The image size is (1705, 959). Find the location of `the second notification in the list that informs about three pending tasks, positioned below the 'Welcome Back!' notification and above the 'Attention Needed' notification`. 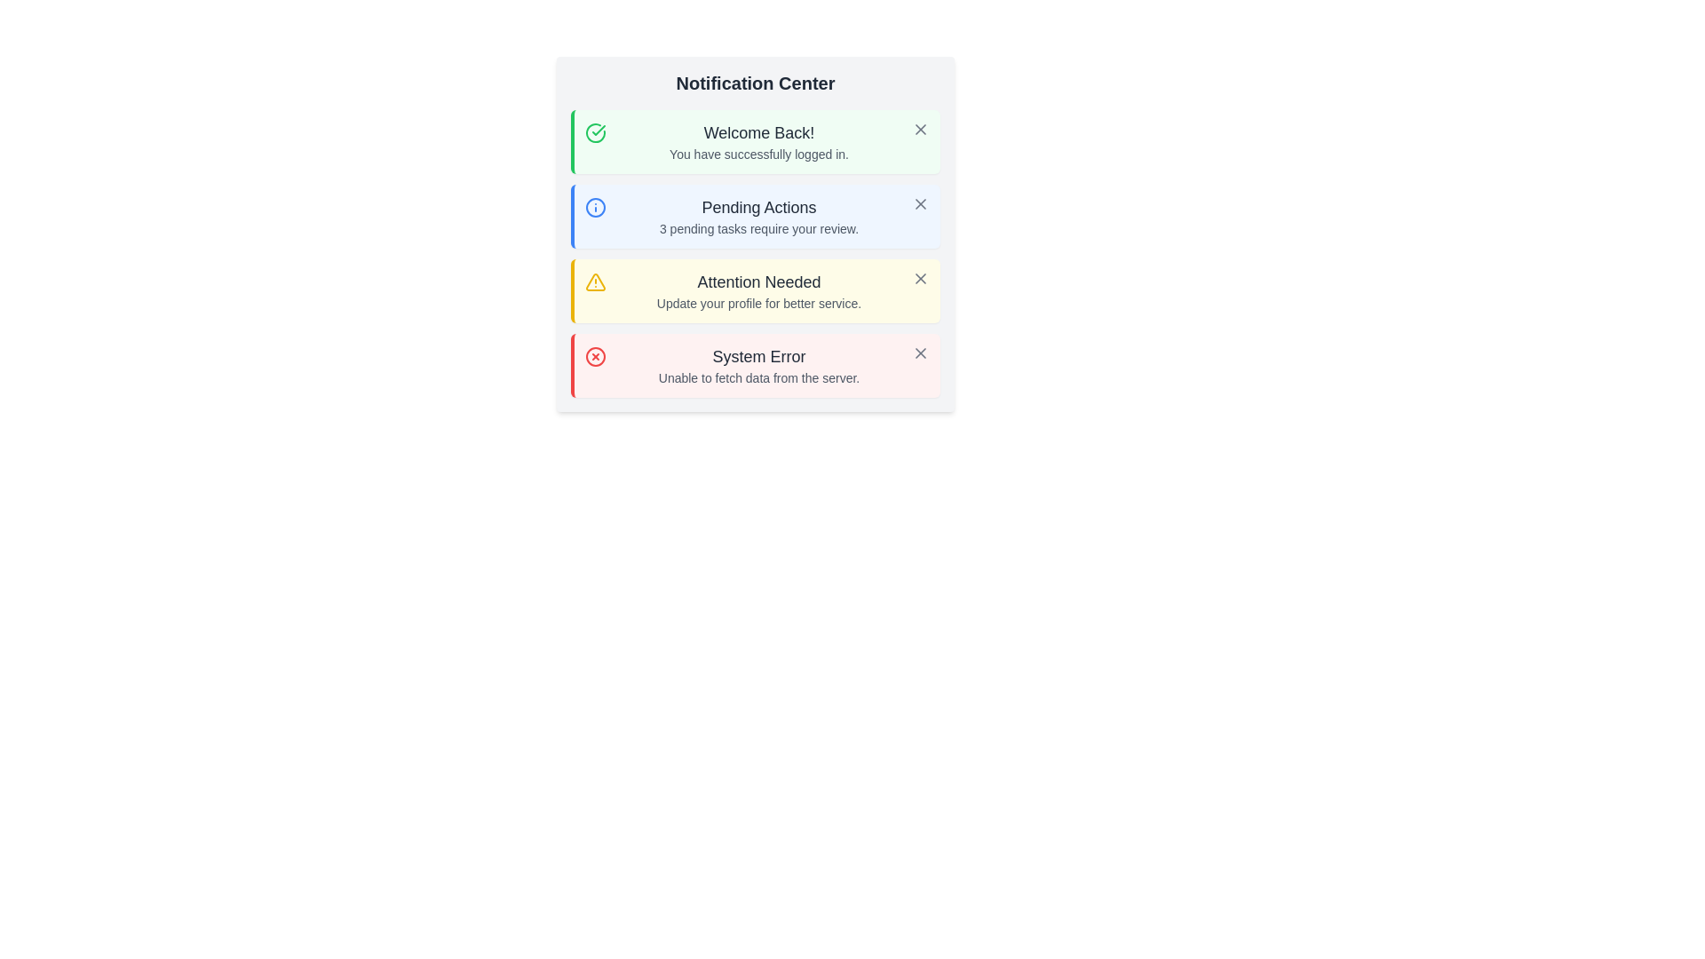

the second notification in the list that informs about three pending tasks, positioned below the 'Welcome Back!' notification and above the 'Attention Needed' notification is located at coordinates (758, 215).